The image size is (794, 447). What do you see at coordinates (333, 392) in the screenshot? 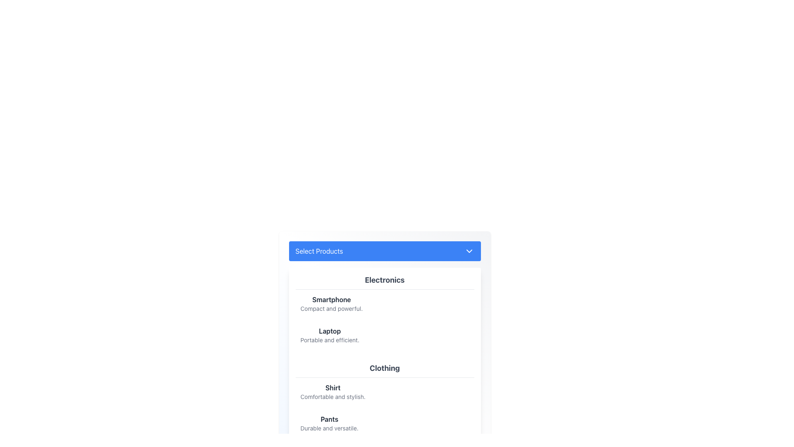
I see `product-related text element titled 'Shirt' which is located under the 'Clothing' section of the 'Select Products' dropdown menu, above the 'Pants' entry` at bounding box center [333, 392].